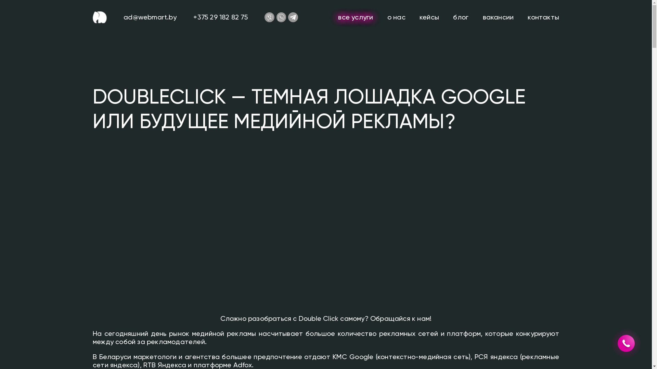 This screenshot has width=657, height=369. What do you see at coordinates (150, 17) in the screenshot?
I see `'ad@webmart.by'` at bounding box center [150, 17].